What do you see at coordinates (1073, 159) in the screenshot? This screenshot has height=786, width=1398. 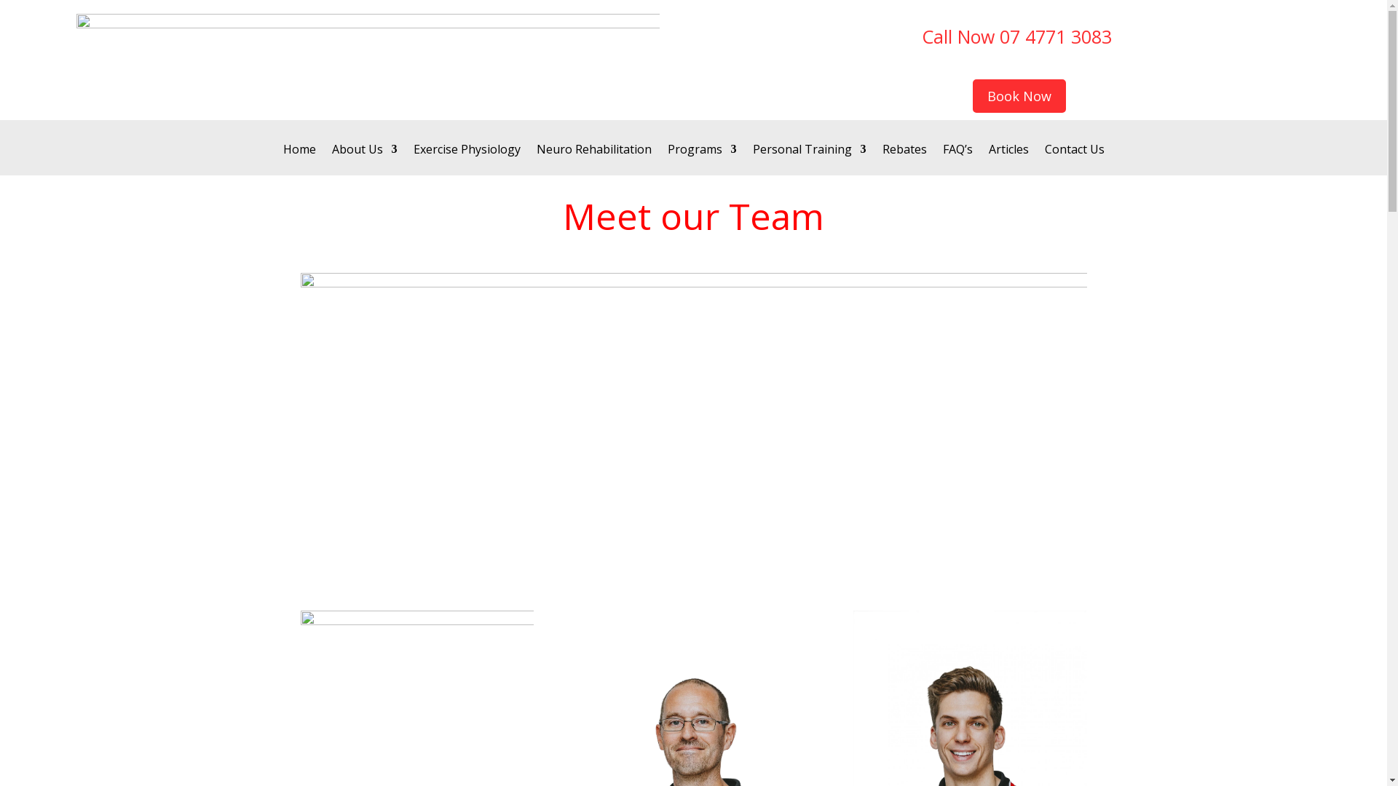 I see `'Contact Us'` at bounding box center [1073, 159].